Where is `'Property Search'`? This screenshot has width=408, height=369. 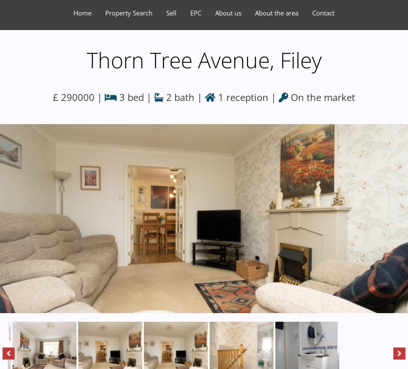 'Property Search' is located at coordinates (128, 12).